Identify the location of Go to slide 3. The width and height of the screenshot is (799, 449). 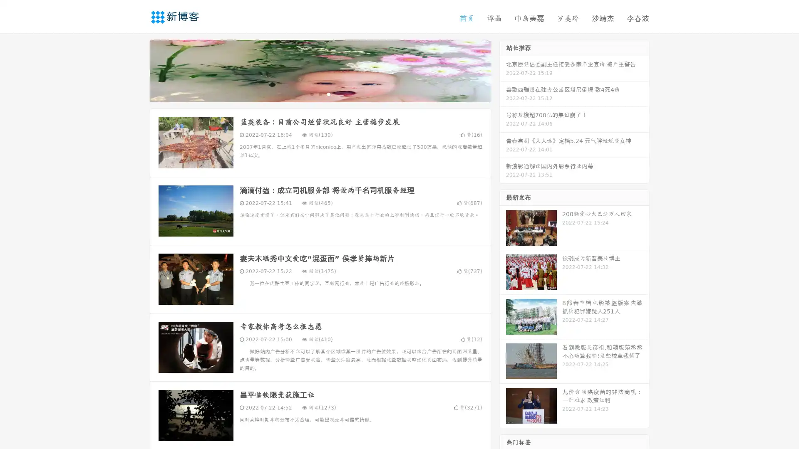
(328, 94).